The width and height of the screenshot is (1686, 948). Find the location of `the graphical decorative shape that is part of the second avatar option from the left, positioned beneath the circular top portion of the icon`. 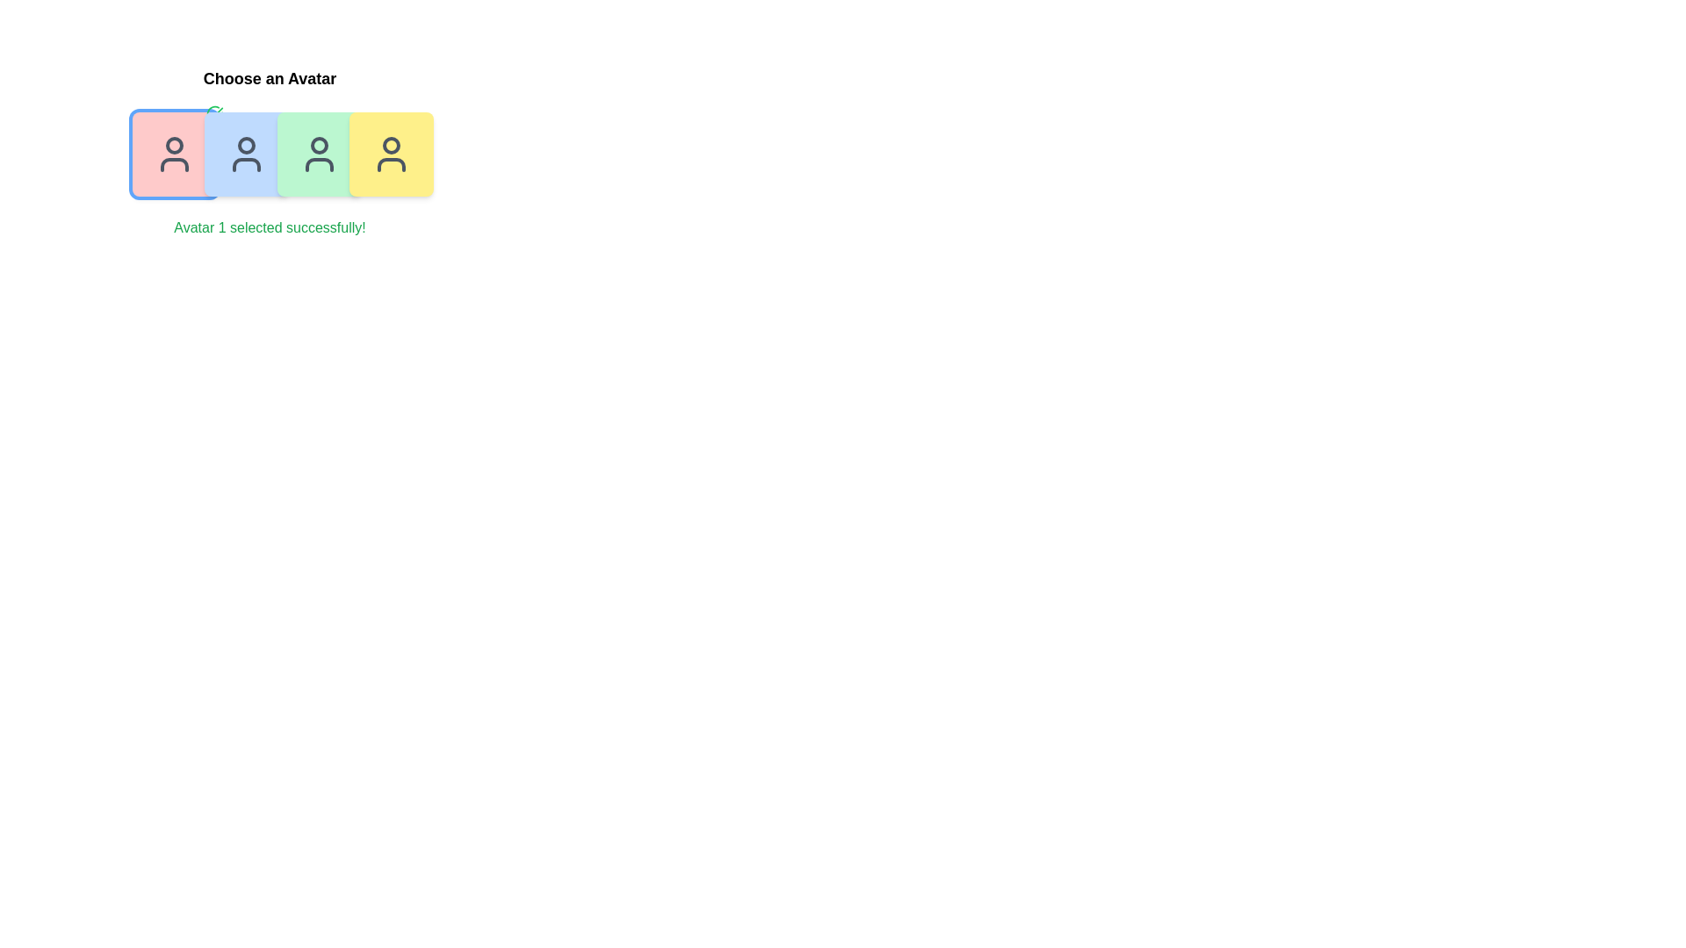

the graphical decorative shape that is part of the second avatar option from the left, positioned beneath the circular top portion of the icon is located at coordinates (246, 165).